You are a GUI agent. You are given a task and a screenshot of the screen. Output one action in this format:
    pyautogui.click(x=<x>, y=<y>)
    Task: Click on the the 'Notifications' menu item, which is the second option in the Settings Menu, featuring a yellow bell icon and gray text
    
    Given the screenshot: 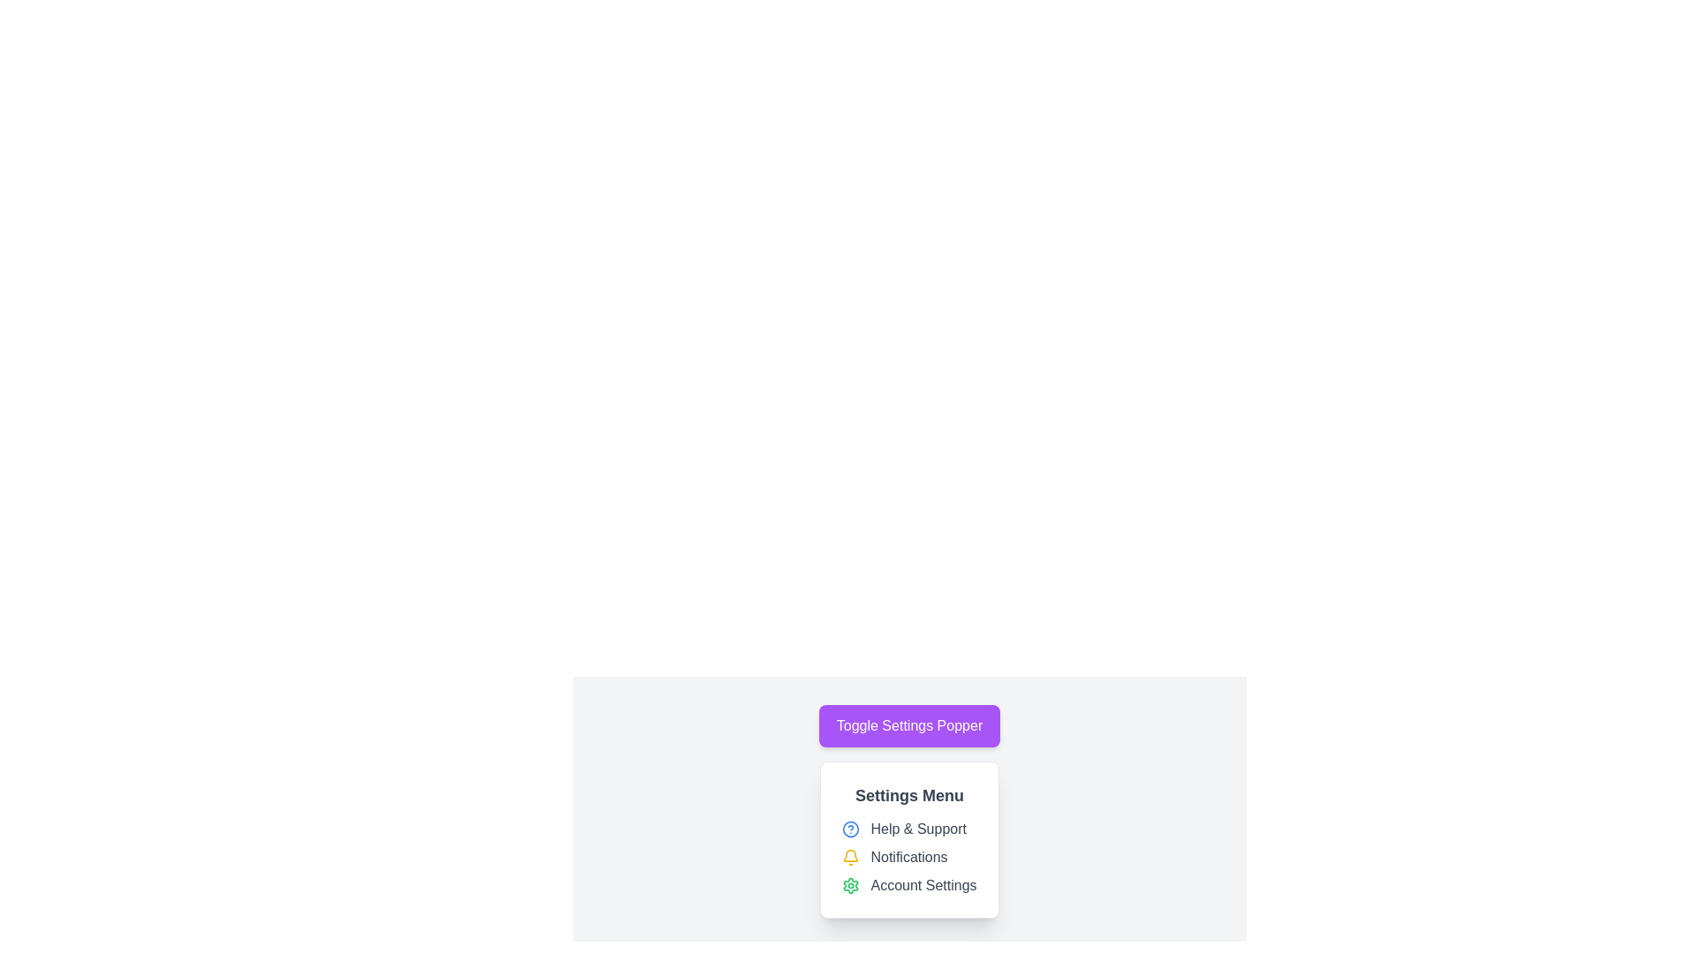 What is the action you would take?
    pyautogui.click(x=909, y=857)
    